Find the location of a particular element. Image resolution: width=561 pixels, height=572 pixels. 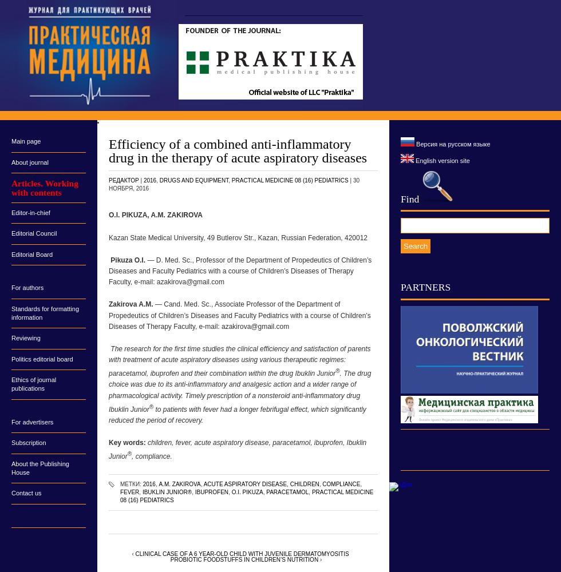

'English version site' is located at coordinates (414, 160).